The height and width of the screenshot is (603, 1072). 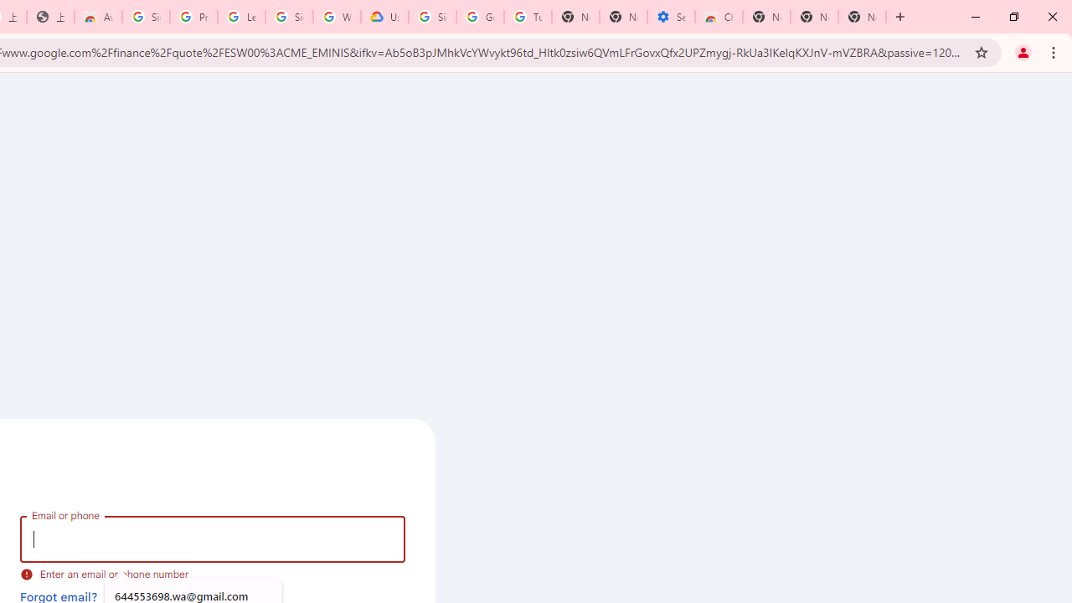 What do you see at coordinates (862, 17) in the screenshot?
I see `'New Tab'` at bounding box center [862, 17].